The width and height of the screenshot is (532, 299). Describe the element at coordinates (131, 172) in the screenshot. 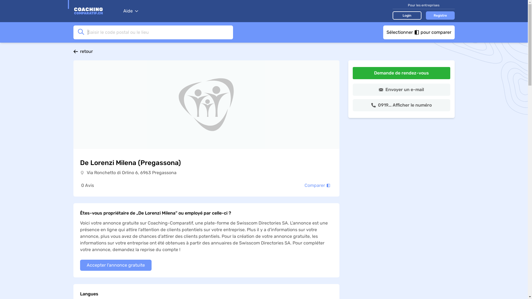

I see `'Via Ronchetto di Orlino 6, 6963 Pregassona'` at that location.